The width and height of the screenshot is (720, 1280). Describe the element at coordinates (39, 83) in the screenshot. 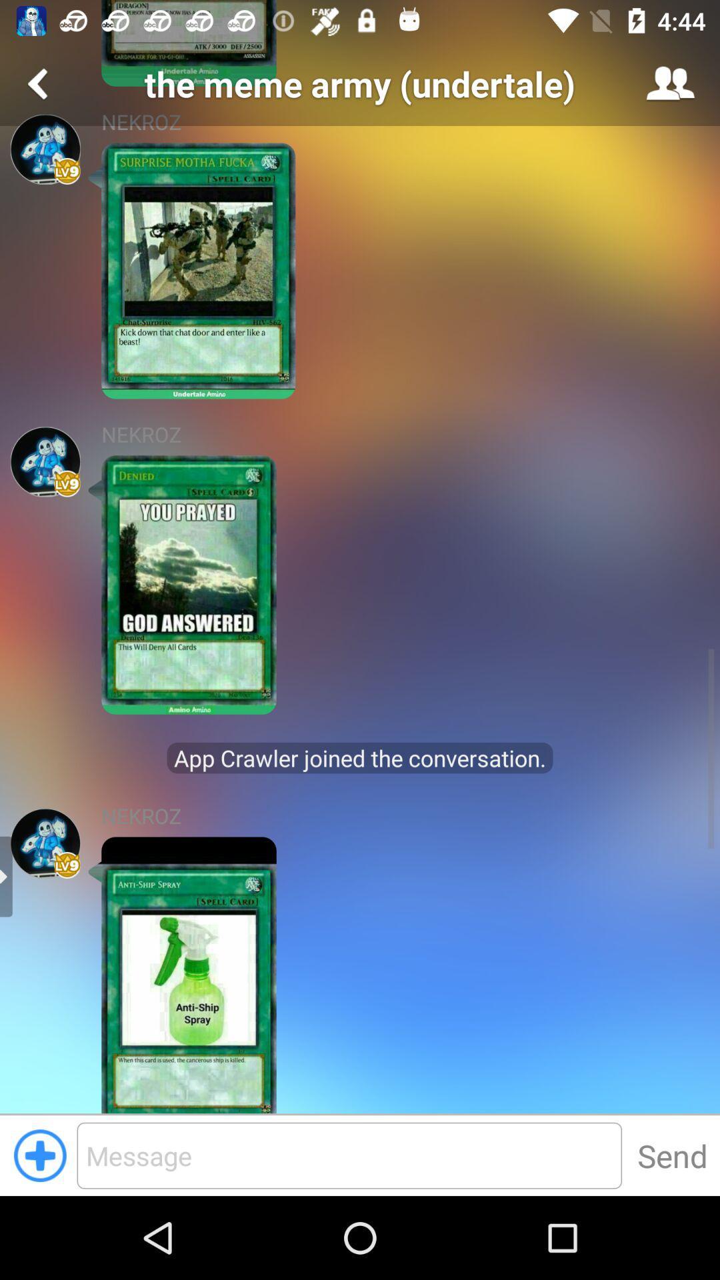

I see `go back` at that location.